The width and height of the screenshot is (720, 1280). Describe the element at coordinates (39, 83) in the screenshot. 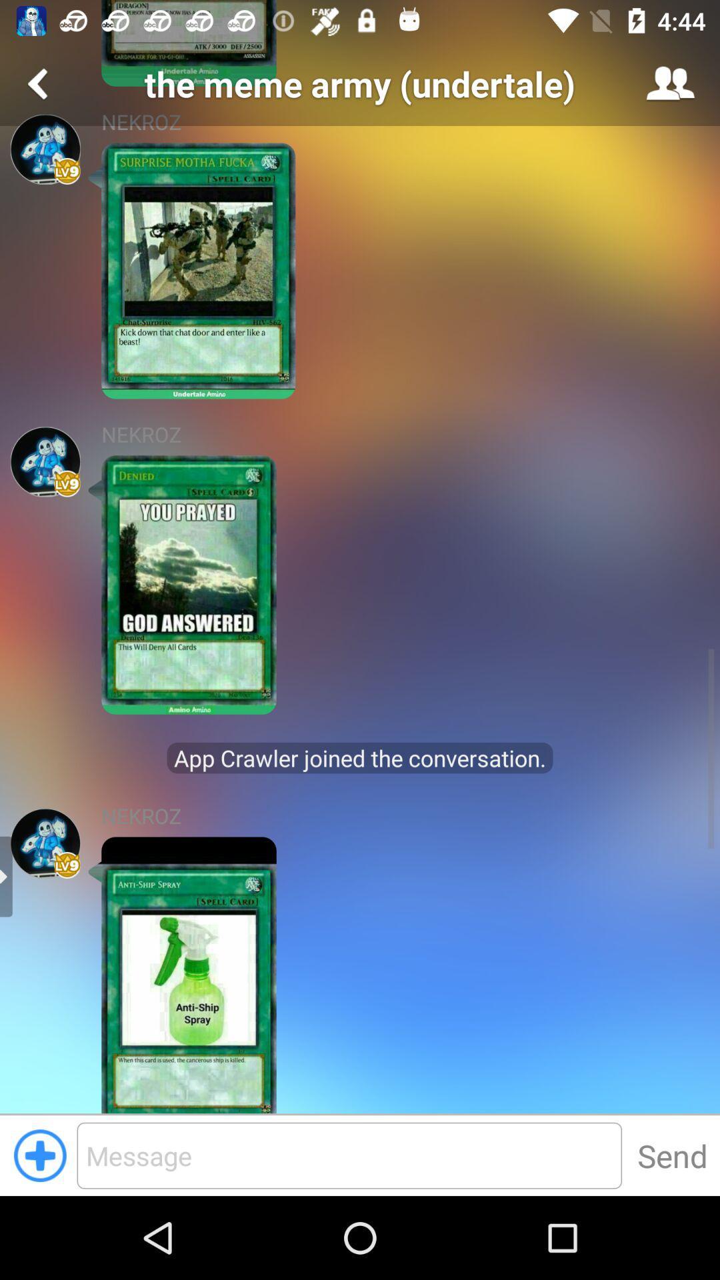

I see `go back` at that location.